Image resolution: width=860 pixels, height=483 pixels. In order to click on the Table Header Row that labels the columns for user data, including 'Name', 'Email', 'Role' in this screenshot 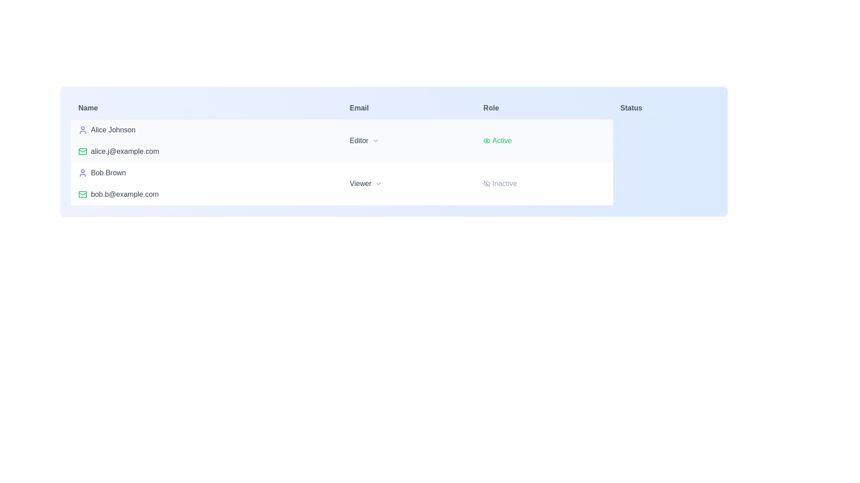, I will do `click(394, 108)`.